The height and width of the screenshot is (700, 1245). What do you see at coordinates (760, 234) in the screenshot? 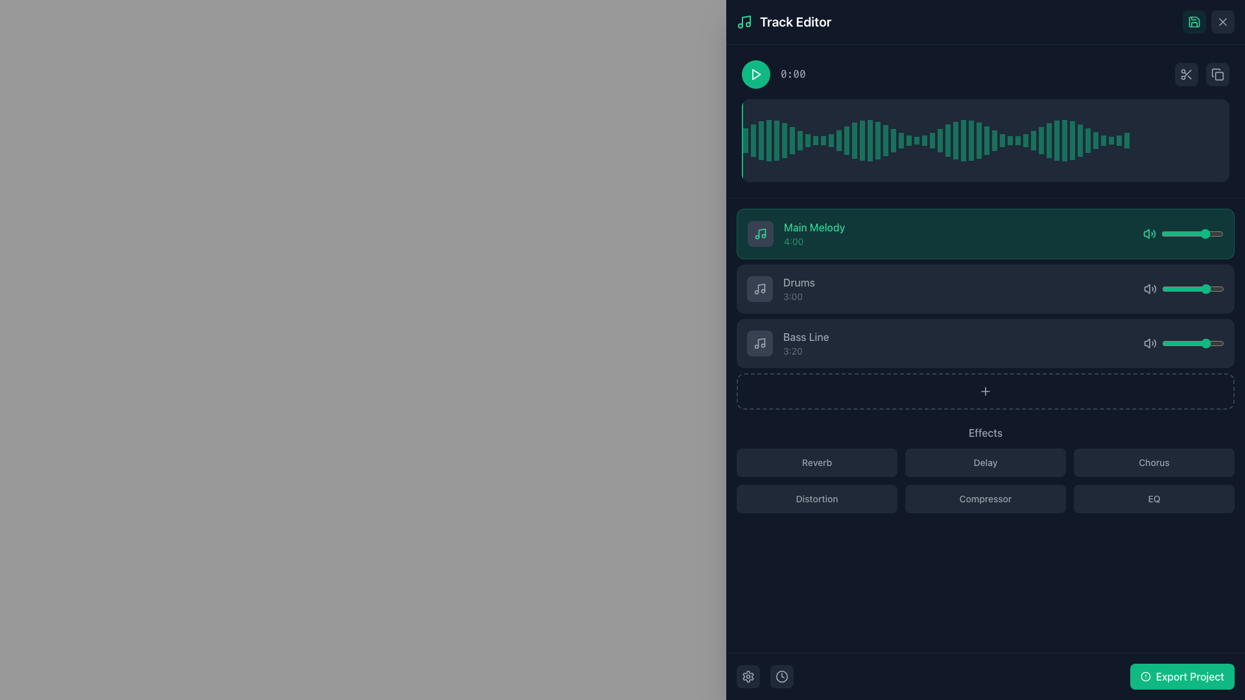
I see `the musical note icon with a light green stroke located in the upper-left corner of the 'Main Melody' track card` at bounding box center [760, 234].